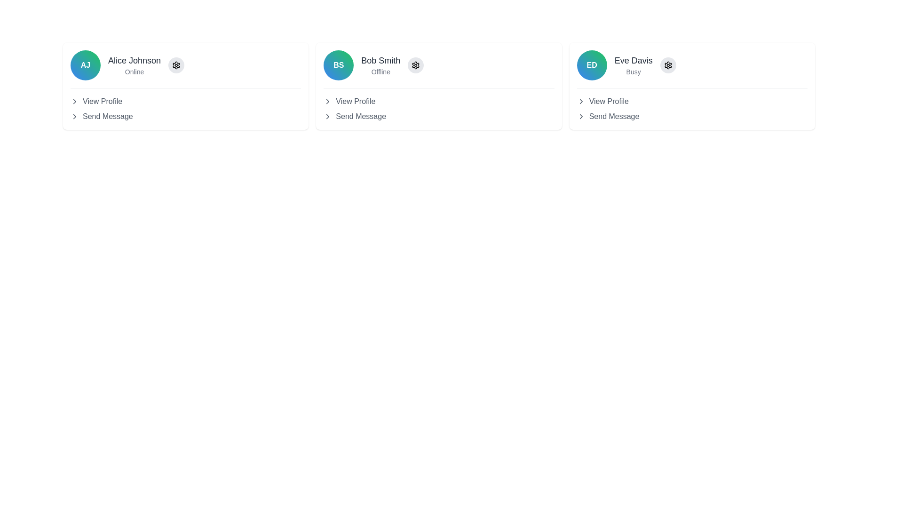 This screenshot has height=508, width=903. What do you see at coordinates (186, 105) in the screenshot?
I see `the 'Send Message' option in the lower portion of the card section for 'Alice Johnson'` at bounding box center [186, 105].